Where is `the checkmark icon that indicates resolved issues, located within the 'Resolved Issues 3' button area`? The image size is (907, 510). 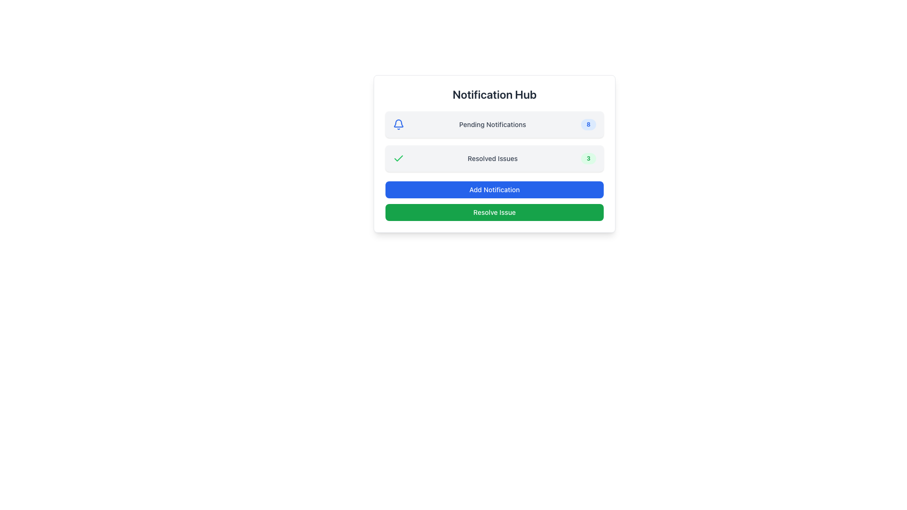 the checkmark icon that indicates resolved issues, located within the 'Resolved Issues 3' button area is located at coordinates (399, 158).